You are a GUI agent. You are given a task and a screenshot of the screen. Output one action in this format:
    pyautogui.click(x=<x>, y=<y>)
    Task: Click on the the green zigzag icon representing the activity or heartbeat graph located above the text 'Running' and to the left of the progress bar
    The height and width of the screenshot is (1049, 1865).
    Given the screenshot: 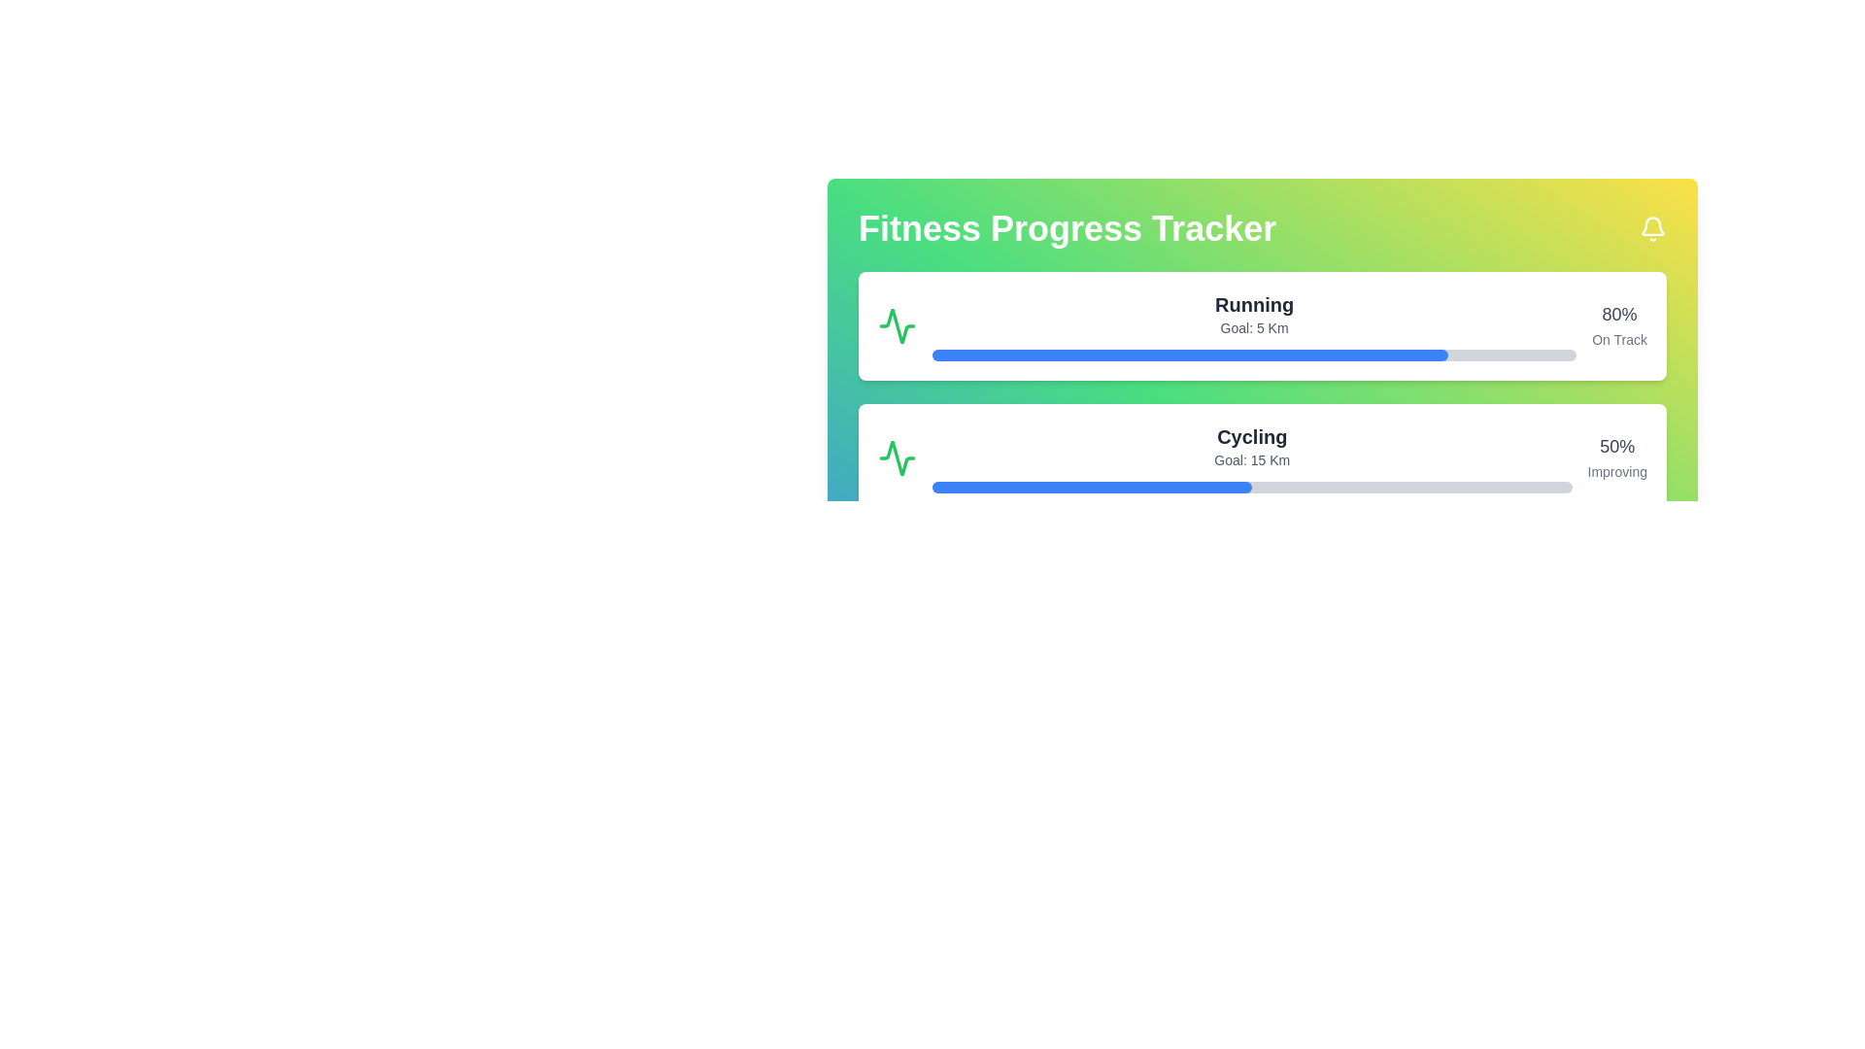 What is the action you would take?
    pyautogui.click(x=897, y=324)
    